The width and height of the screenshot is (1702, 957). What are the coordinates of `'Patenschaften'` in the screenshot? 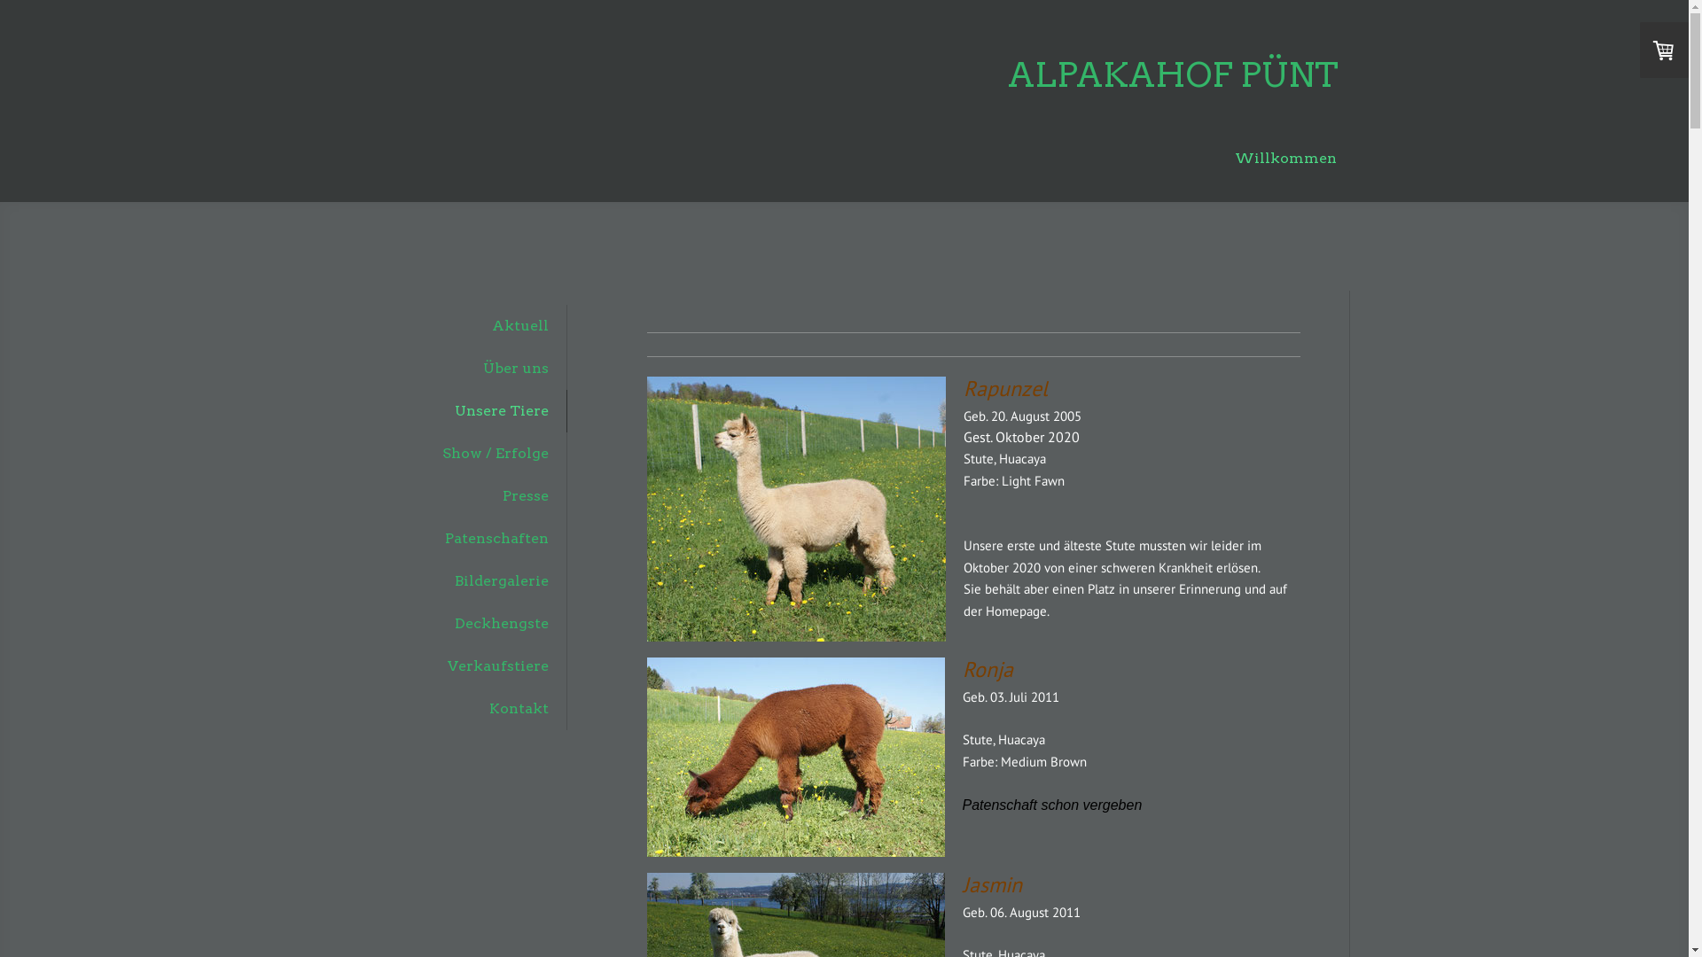 It's located at (471, 538).